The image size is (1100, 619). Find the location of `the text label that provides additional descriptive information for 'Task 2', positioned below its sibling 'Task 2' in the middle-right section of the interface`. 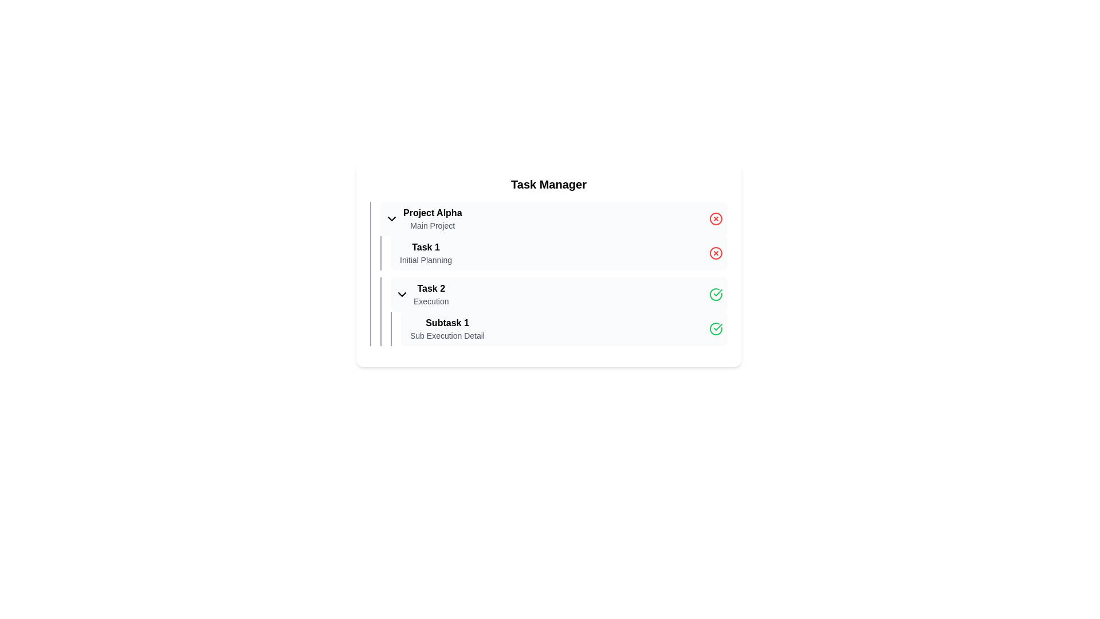

the text label that provides additional descriptive information for 'Task 2', positioned below its sibling 'Task 2' in the middle-right section of the interface is located at coordinates (430, 300).